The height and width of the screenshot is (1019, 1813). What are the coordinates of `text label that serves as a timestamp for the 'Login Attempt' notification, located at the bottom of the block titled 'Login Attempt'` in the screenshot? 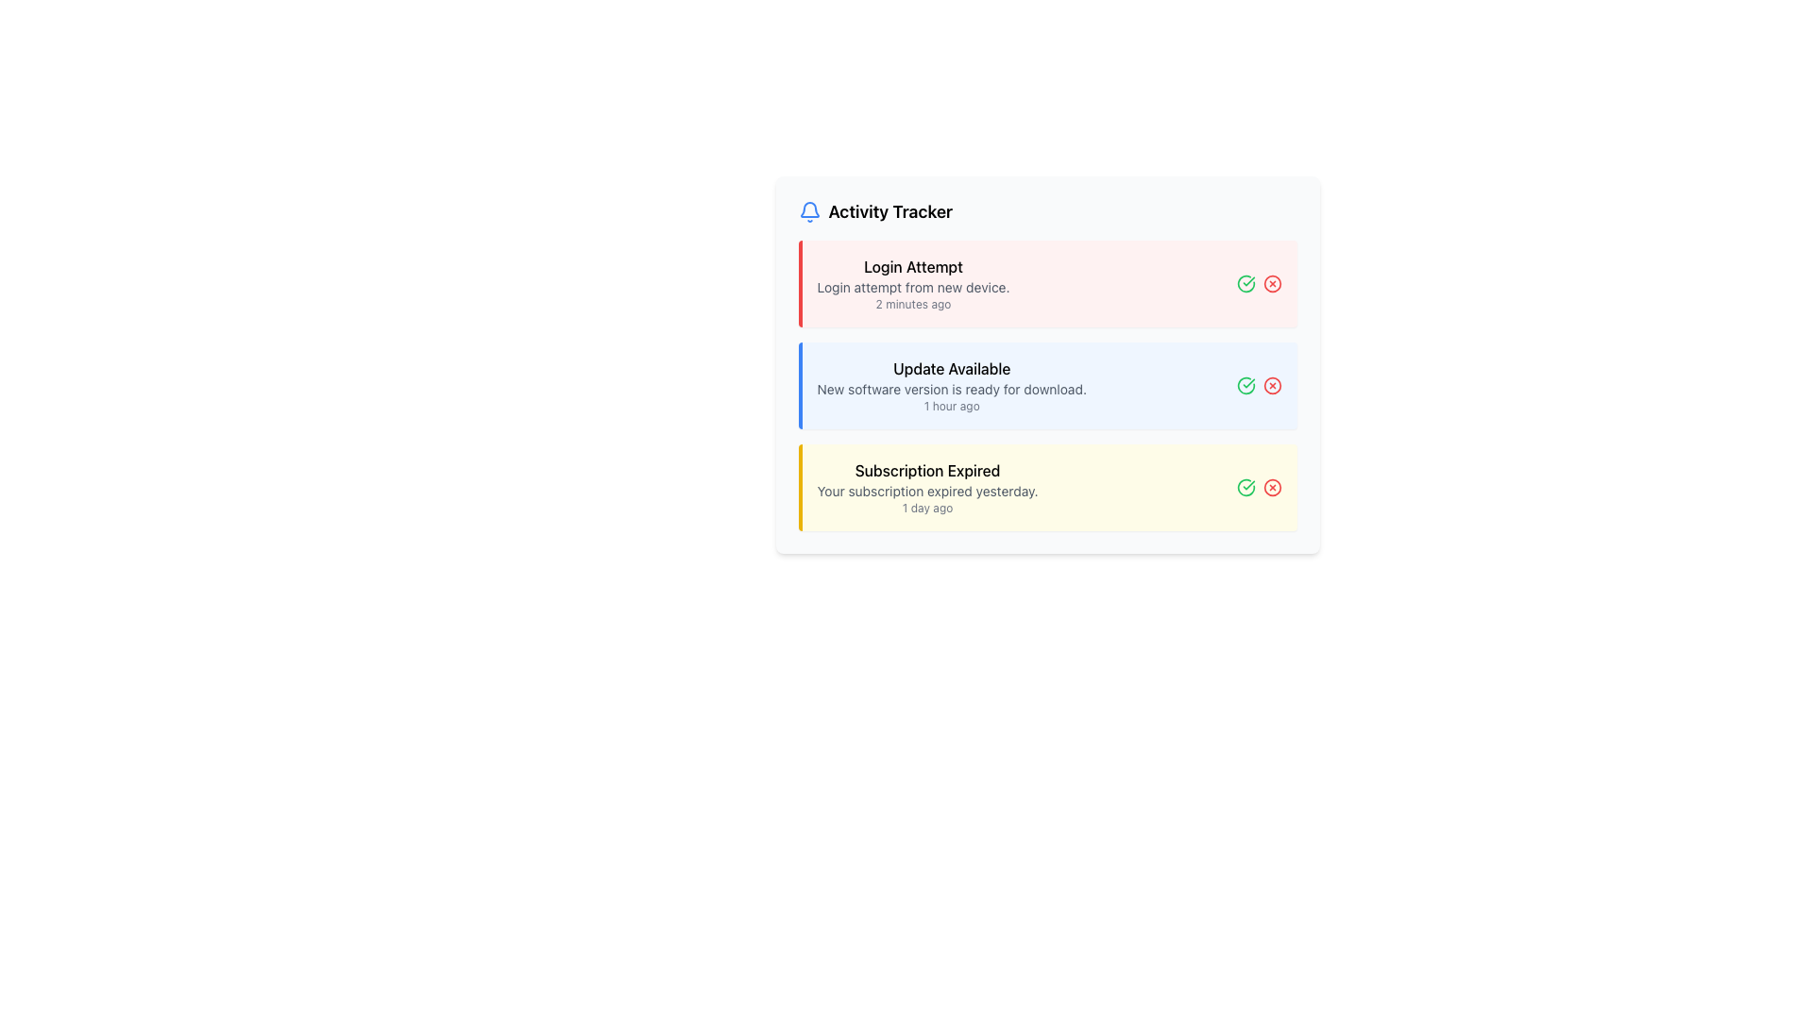 It's located at (913, 304).